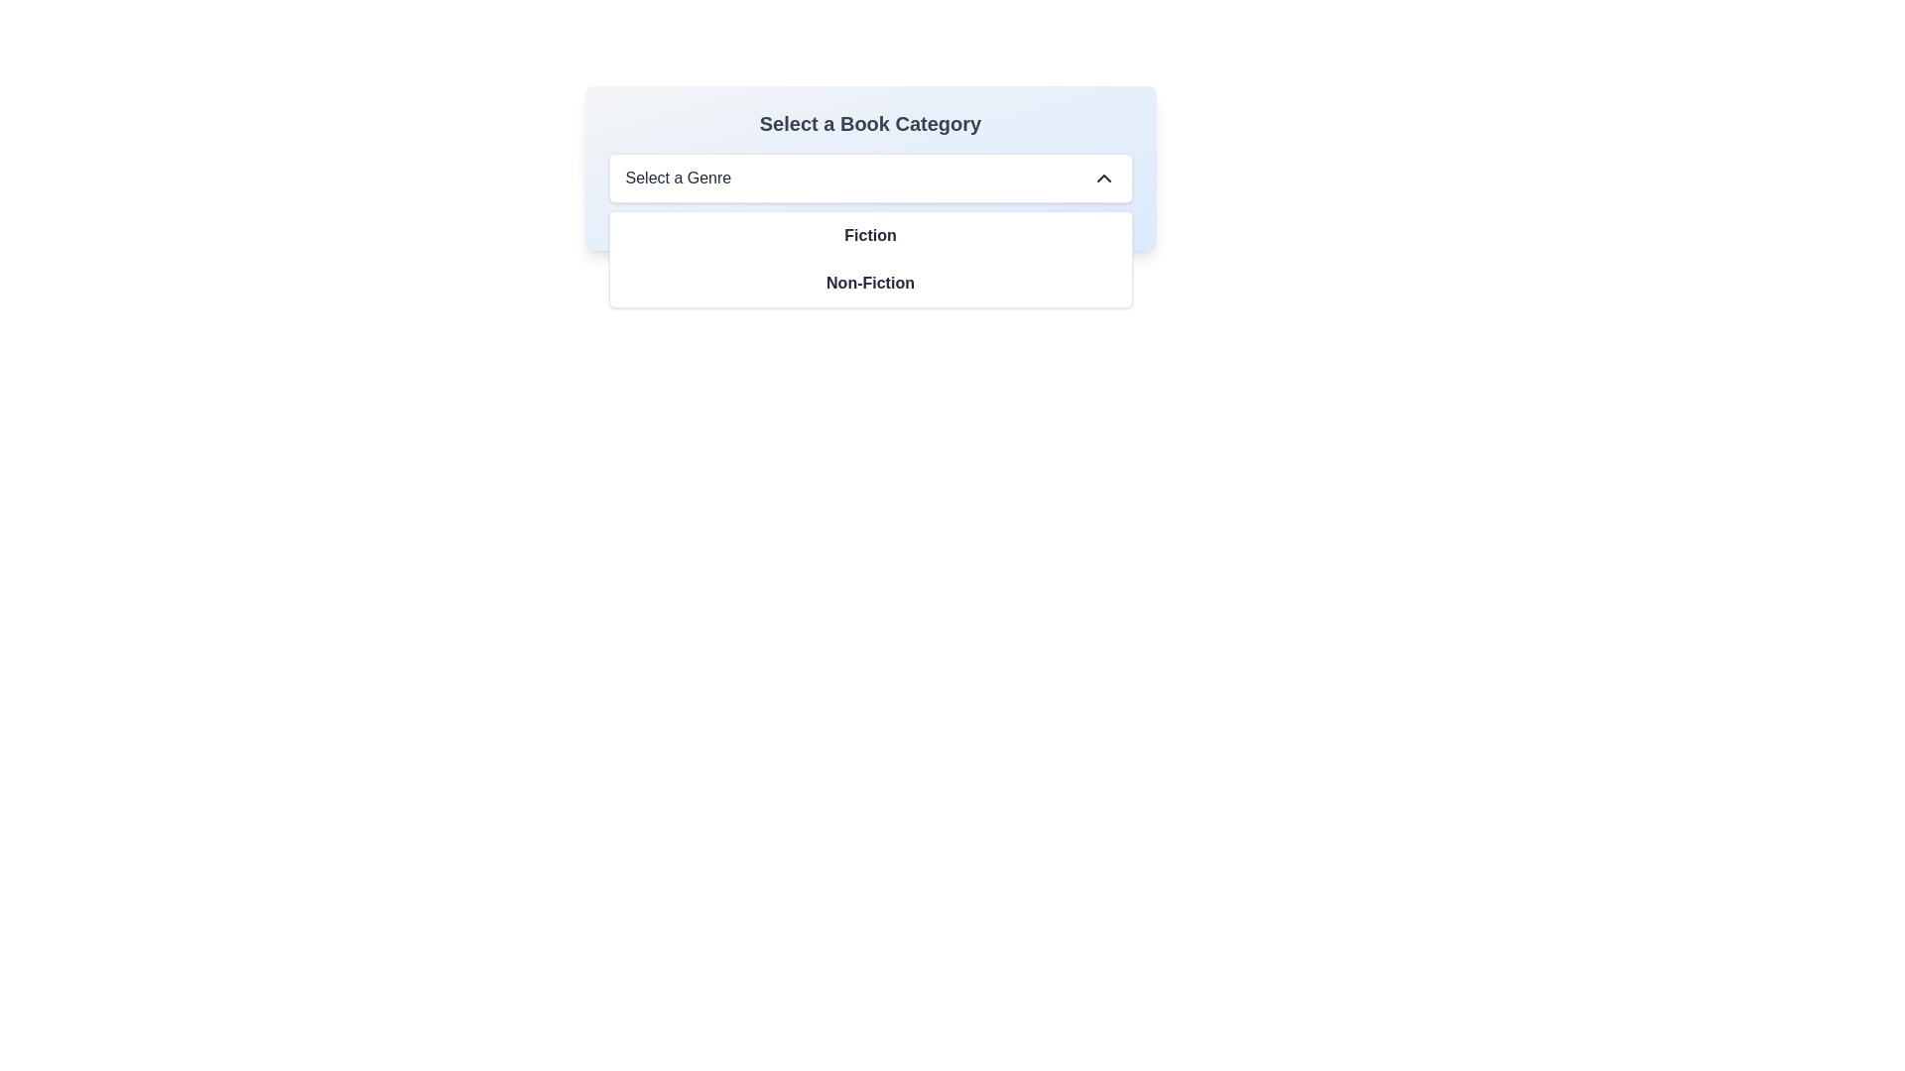 This screenshot has height=1071, width=1905. Describe the element at coordinates (870, 235) in the screenshot. I see `the bold gray text label displaying 'Fiction' within the dropdown menu` at that location.